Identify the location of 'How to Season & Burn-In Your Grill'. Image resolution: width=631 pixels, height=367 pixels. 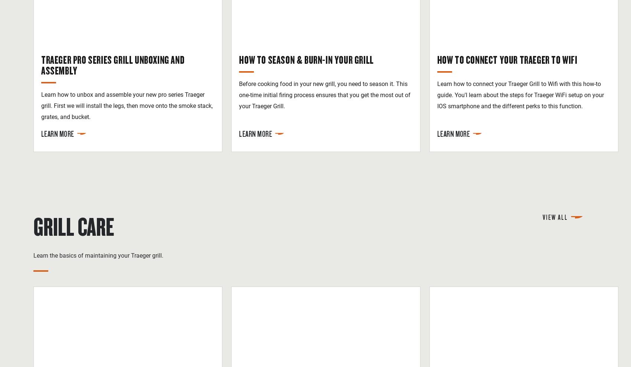
(306, 59).